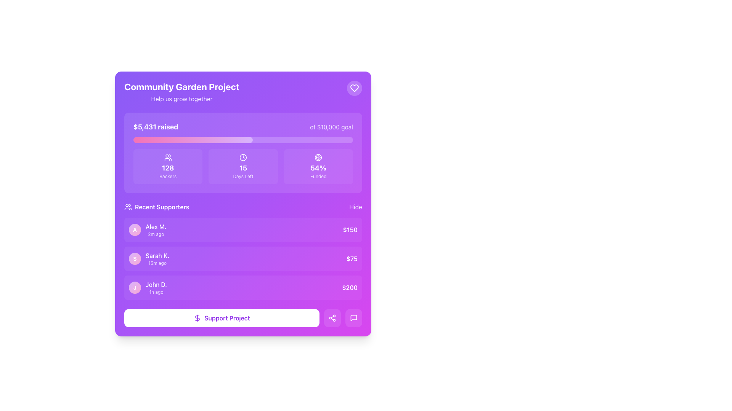 Image resolution: width=732 pixels, height=411 pixels. What do you see at coordinates (243, 157) in the screenshot?
I see `the decorative clock icon located in the second card of the middle section, which symbolizes time remaining and is above the '15 Days Left' text` at bounding box center [243, 157].